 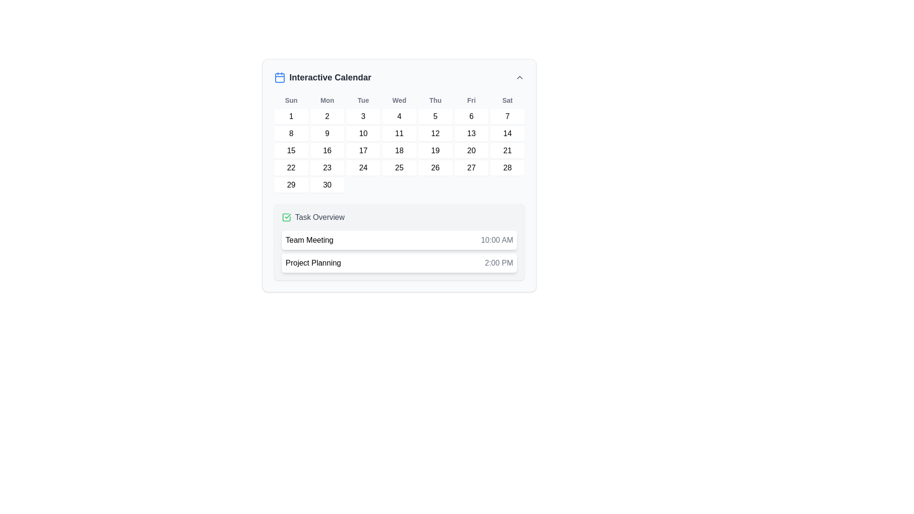 I want to click on the small square button displaying the text '29' located in the bottom-left corner of the calendar grid, so click(x=290, y=185).